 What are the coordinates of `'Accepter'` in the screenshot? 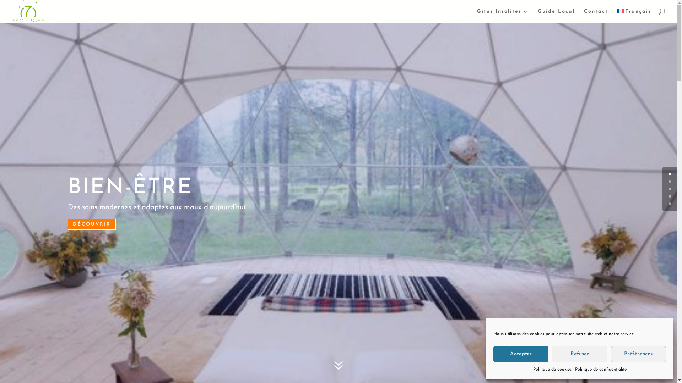 It's located at (521, 354).